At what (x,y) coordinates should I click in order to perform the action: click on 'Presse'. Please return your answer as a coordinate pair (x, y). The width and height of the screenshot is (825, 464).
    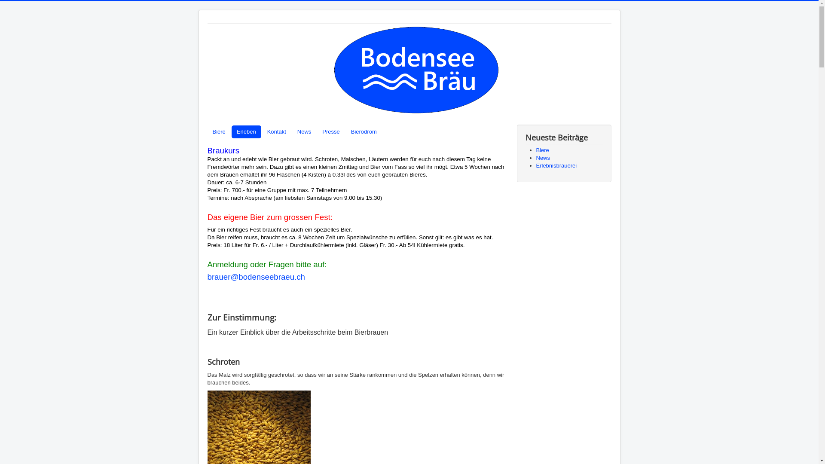
    Looking at the image, I should click on (330, 132).